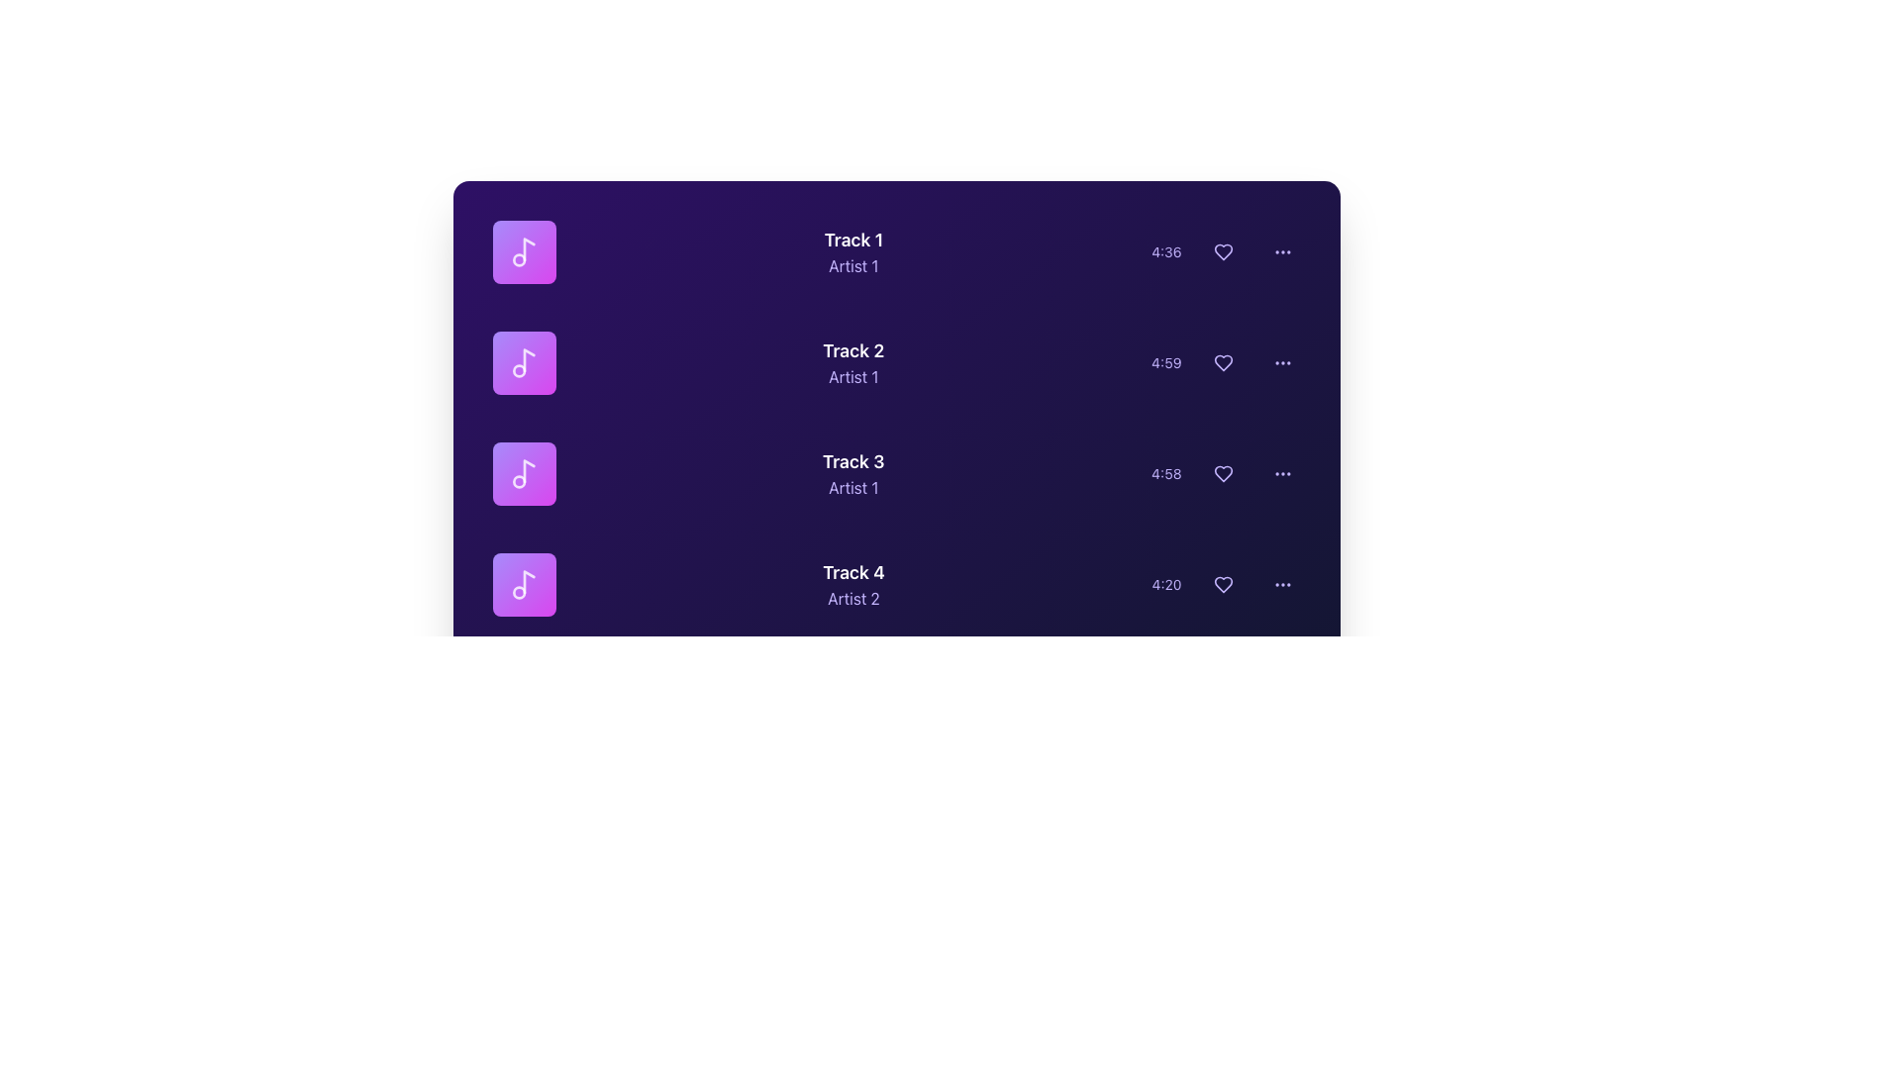  I want to click on the heart-shaped icon button with a violet hue located on the far-right side of the row for 'Track 4' to like the track, so click(1222, 583).